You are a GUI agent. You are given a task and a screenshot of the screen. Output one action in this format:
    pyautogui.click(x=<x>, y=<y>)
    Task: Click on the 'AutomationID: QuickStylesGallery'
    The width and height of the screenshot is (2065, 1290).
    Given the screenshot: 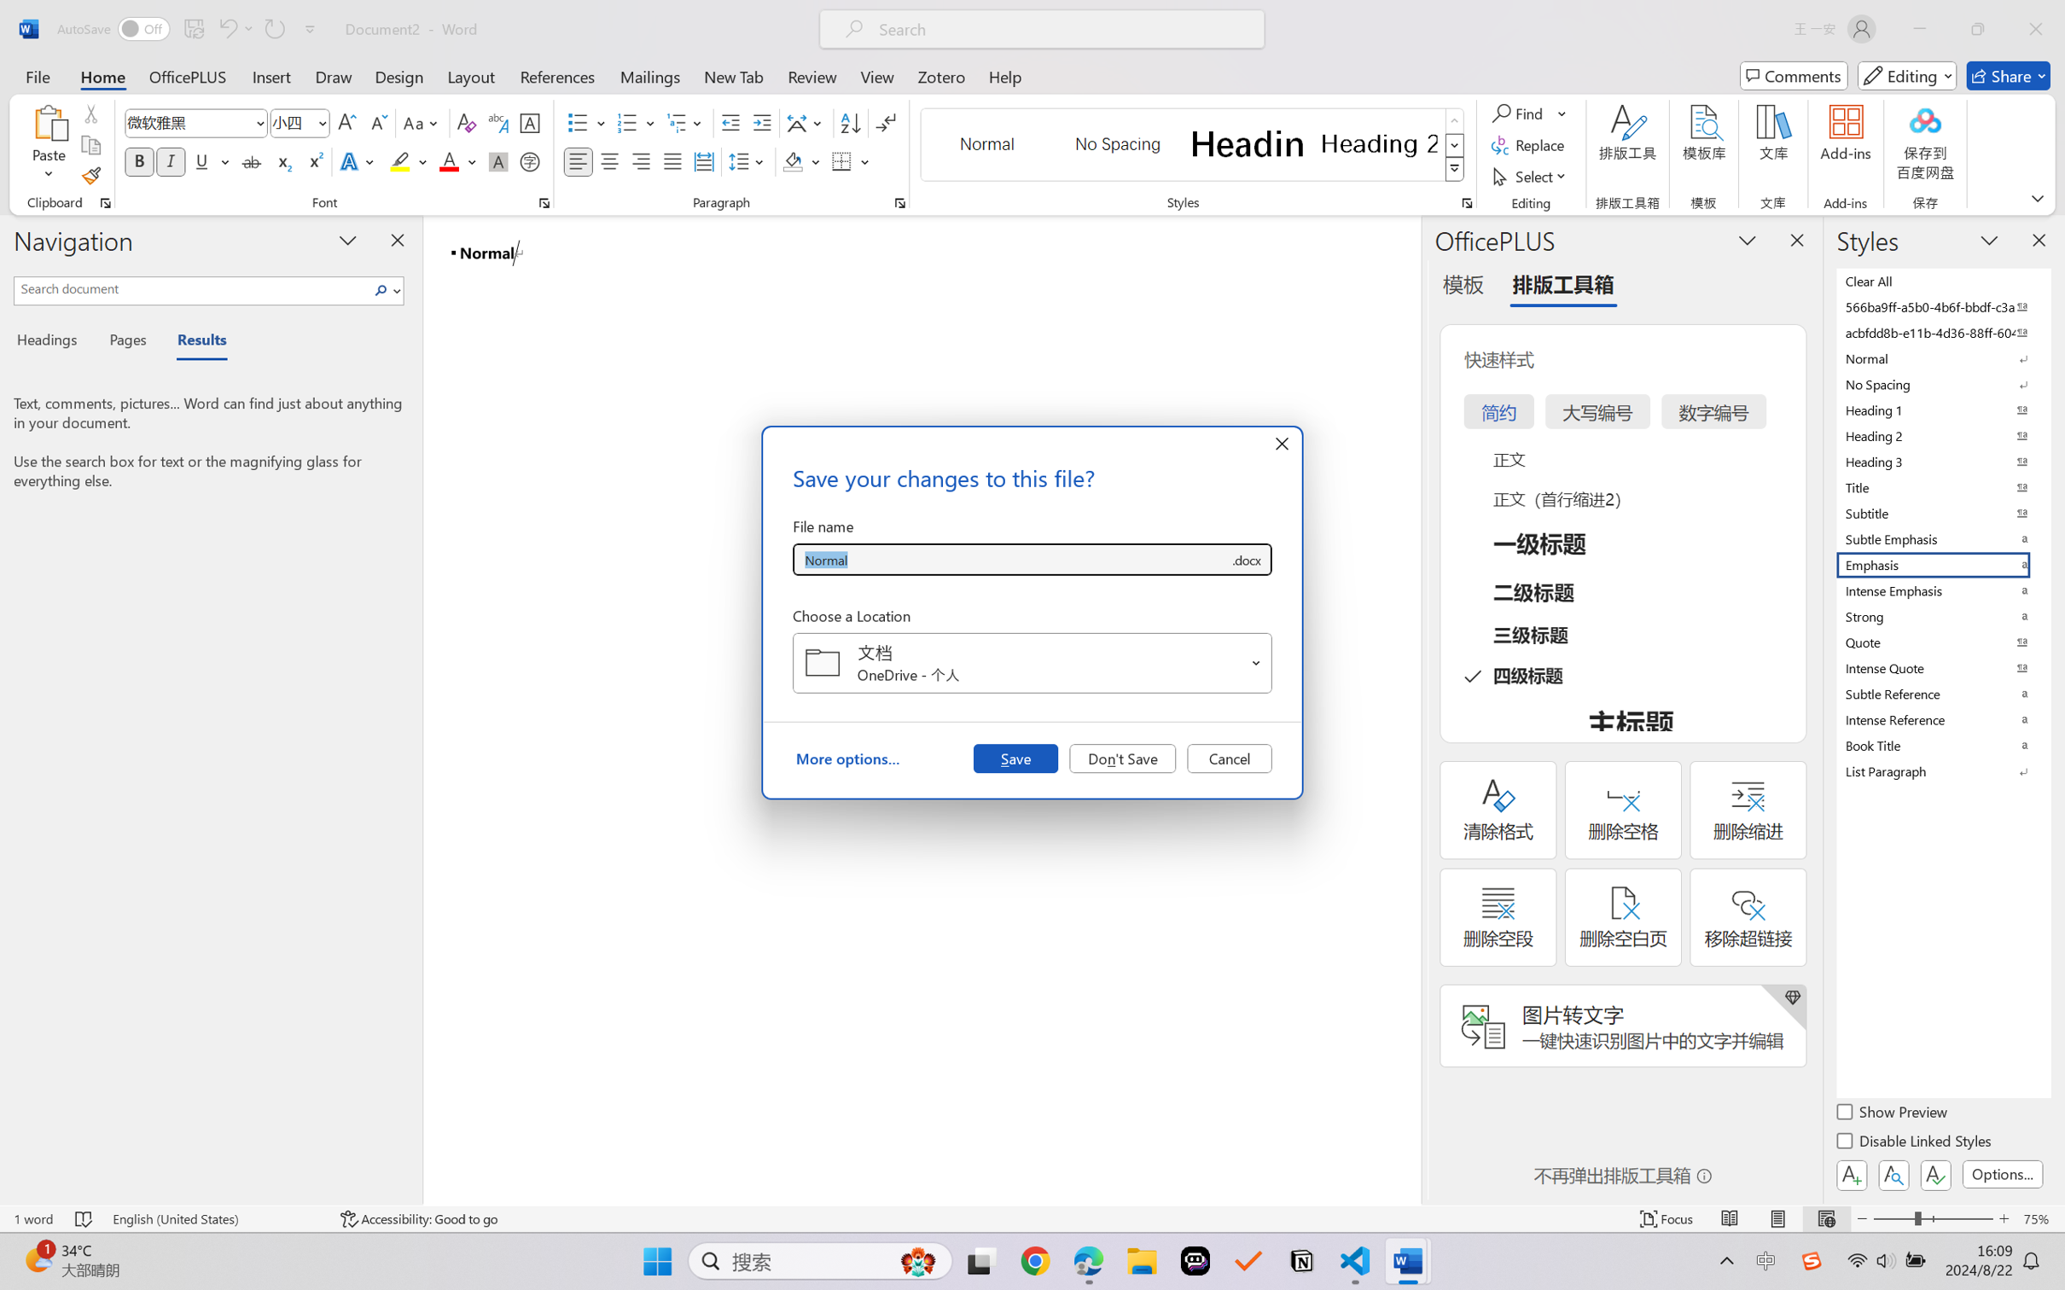 What is the action you would take?
    pyautogui.click(x=1192, y=145)
    